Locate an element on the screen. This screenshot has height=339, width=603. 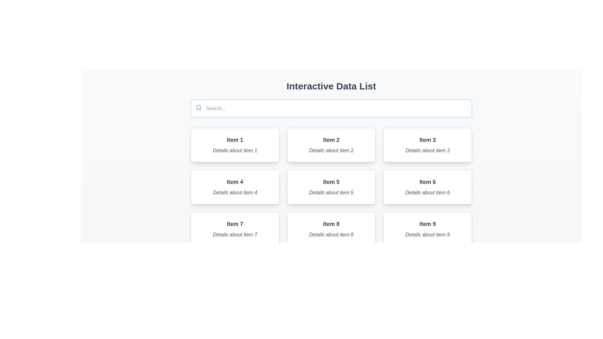
the italicized text 'Details about item 9' located in the bottom section of the ninth card labeled 'Item 9' in the rightmost column of the third row is located at coordinates (427, 235).